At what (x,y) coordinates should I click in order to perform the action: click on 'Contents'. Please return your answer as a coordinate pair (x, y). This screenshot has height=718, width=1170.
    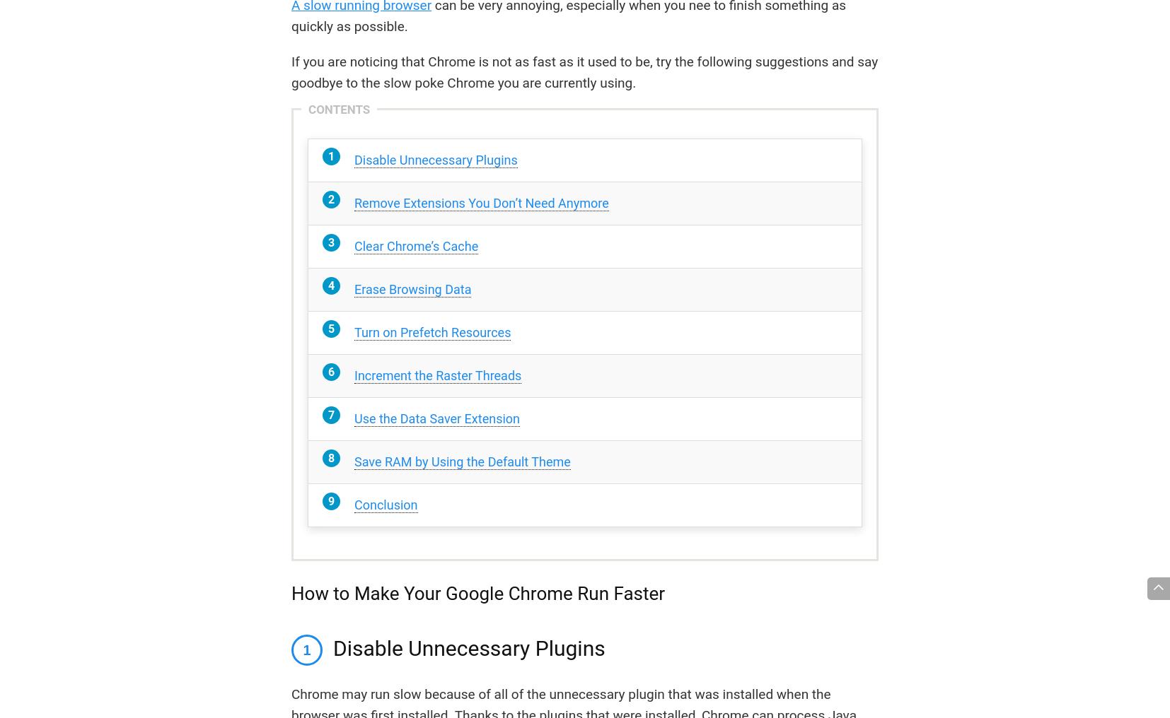
    Looking at the image, I should click on (339, 109).